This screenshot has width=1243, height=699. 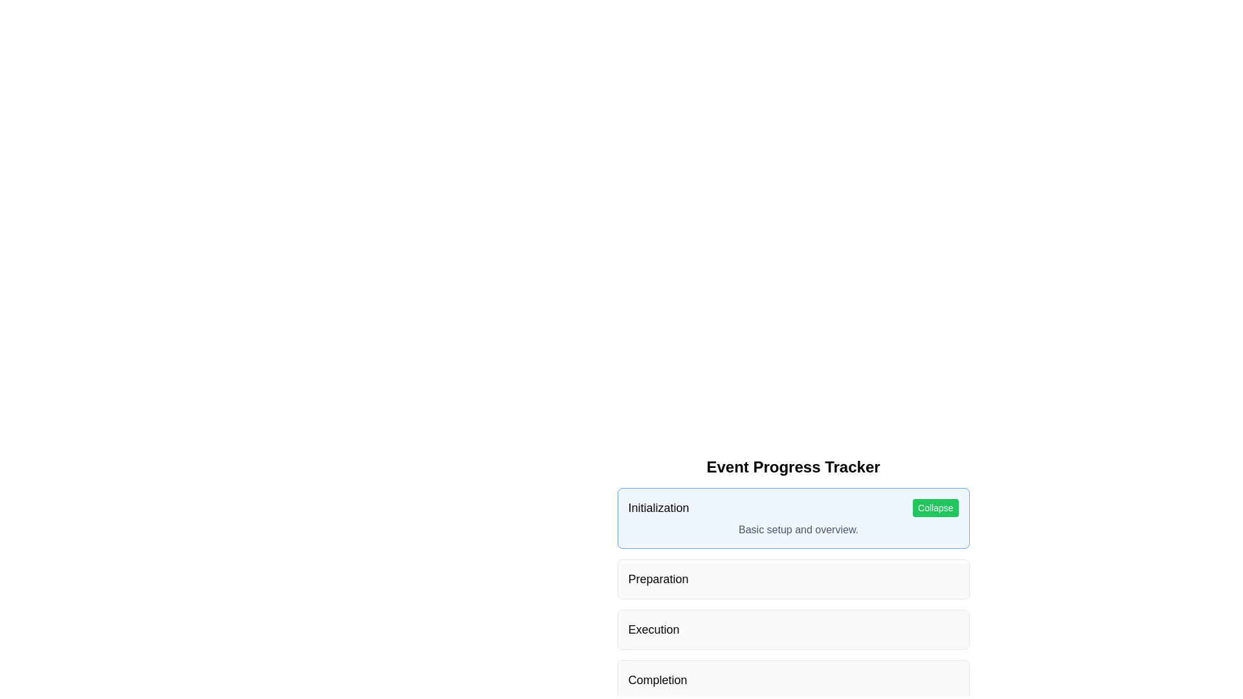 I want to click on the text label styled in gray font that reads 'Basic setup and overview.' located below the 'Initialization' title within the blue-bordered section, so click(x=792, y=529).